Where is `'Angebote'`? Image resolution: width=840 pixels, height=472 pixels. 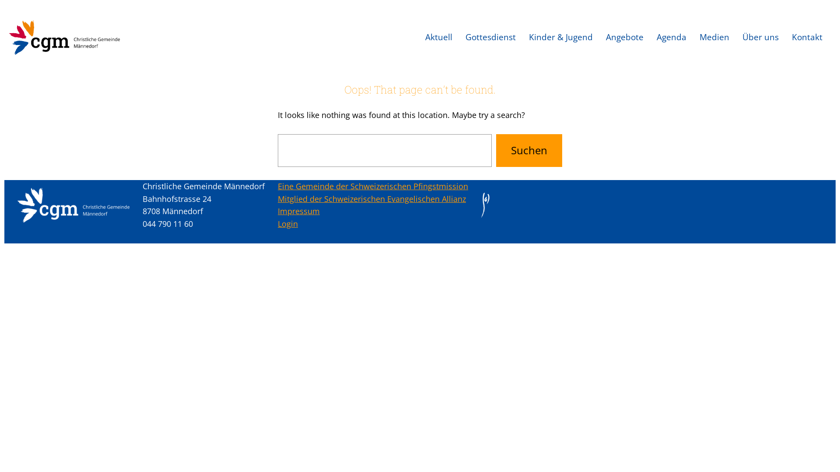 'Angebote' is located at coordinates (624, 37).